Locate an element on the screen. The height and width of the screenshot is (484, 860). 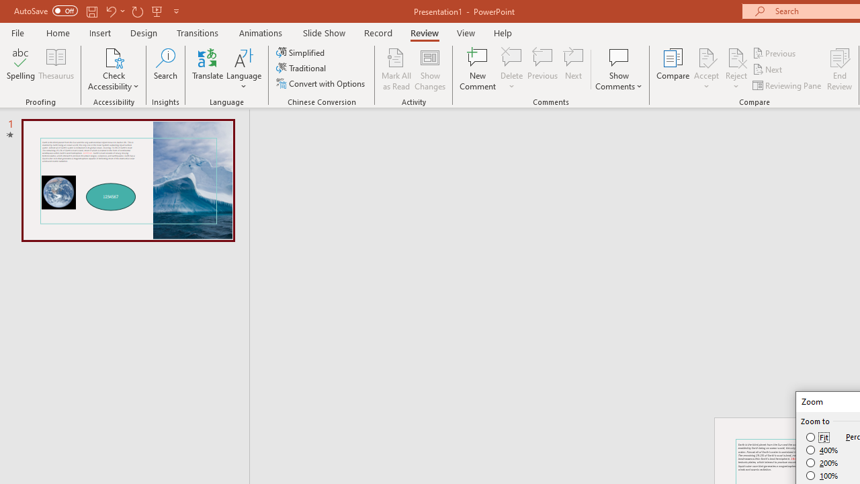
'400%' is located at coordinates (822, 450).